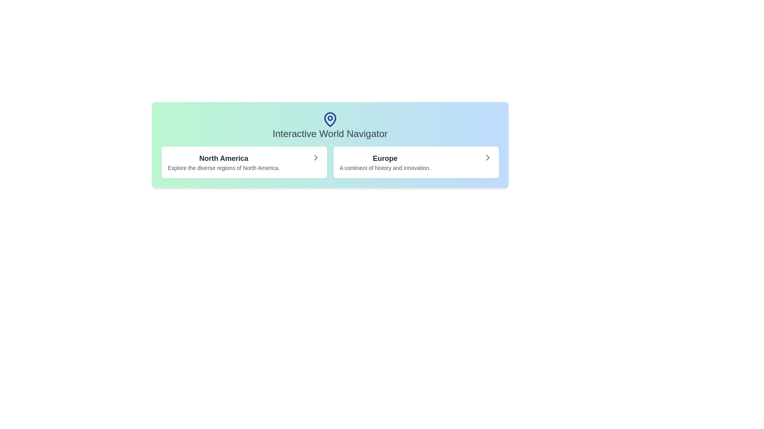 Image resolution: width=764 pixels, height=429 pixels. Describe the element at coordinates (244, 162) in the screenshot. I see `the 'North America' navigation card, which is a rectangular card with a white background, rounded corners, and contains the title 'North America' in bold text along with a description about exploring North America` at that location.